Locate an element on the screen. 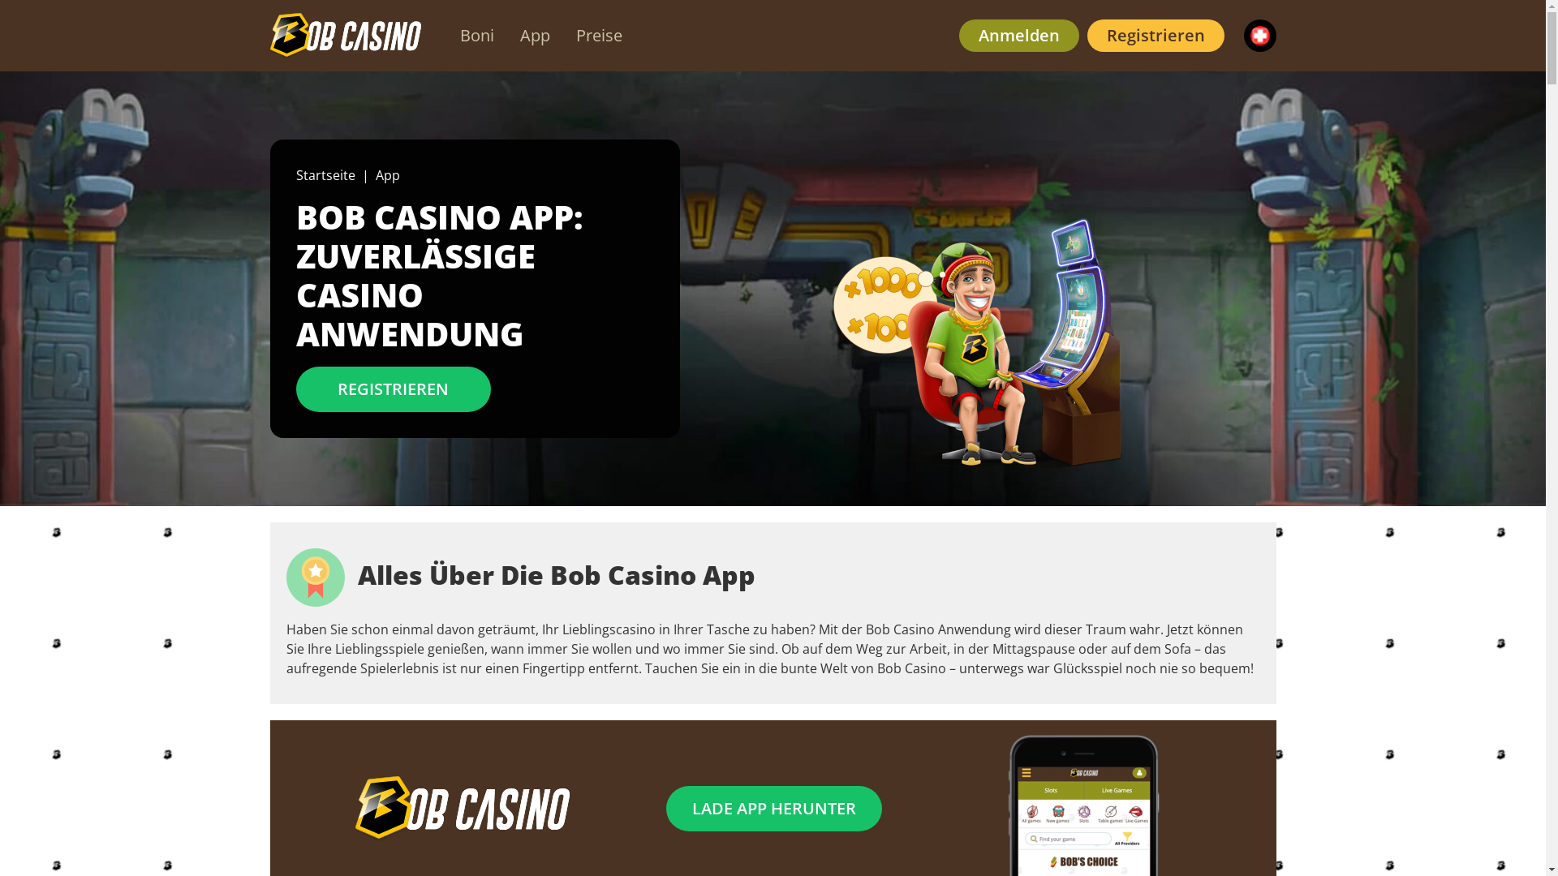 The height and width of the screenshot is (876, 1558). 'REGISTRIEREN' is located at coordinates (393, 389).